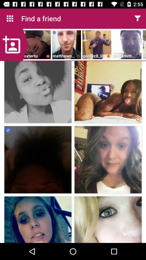 The image size is (146, 260). Describe the element at coordinates (137, 18) in the screenshot. I see `the icon to the right of the find a friend item` at that location.